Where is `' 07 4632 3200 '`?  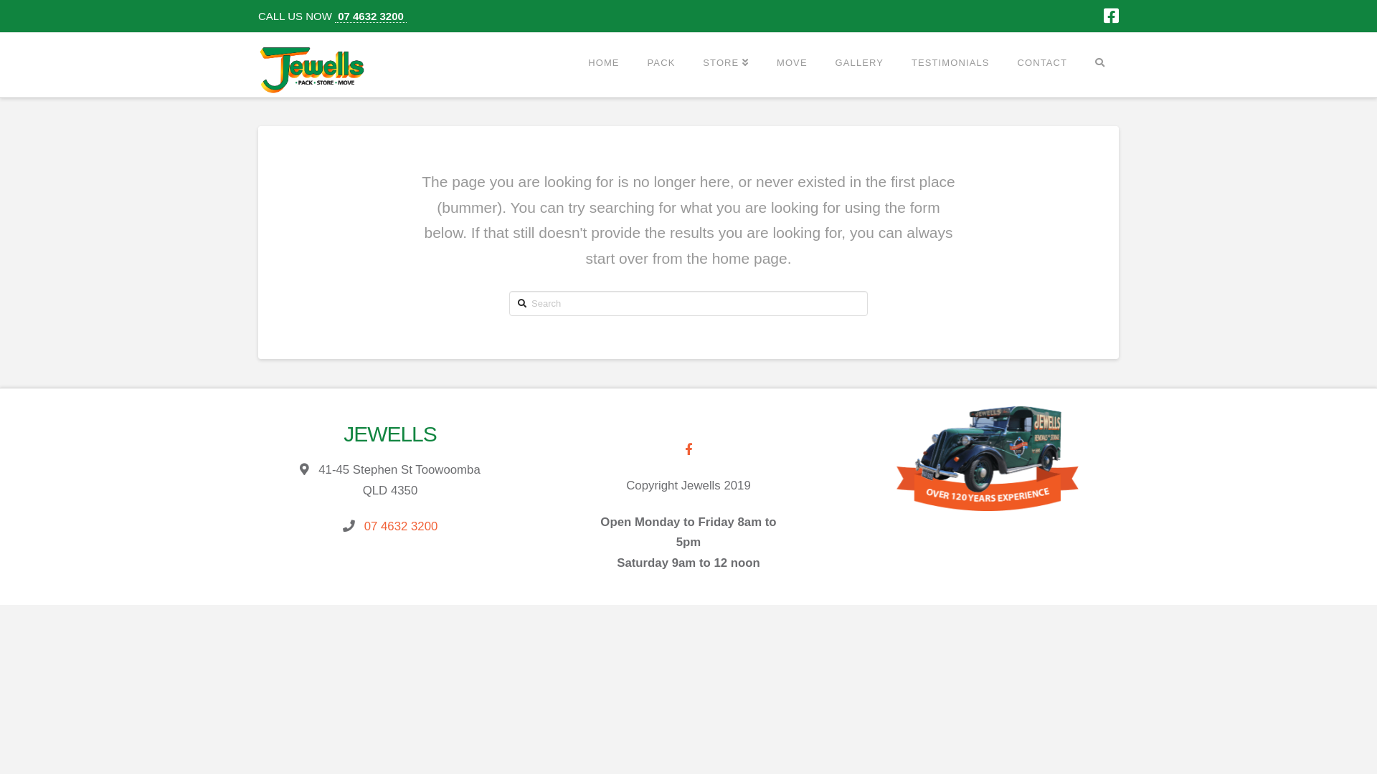
' 07 4632 3200 ' is located at coordinates (333, 16).